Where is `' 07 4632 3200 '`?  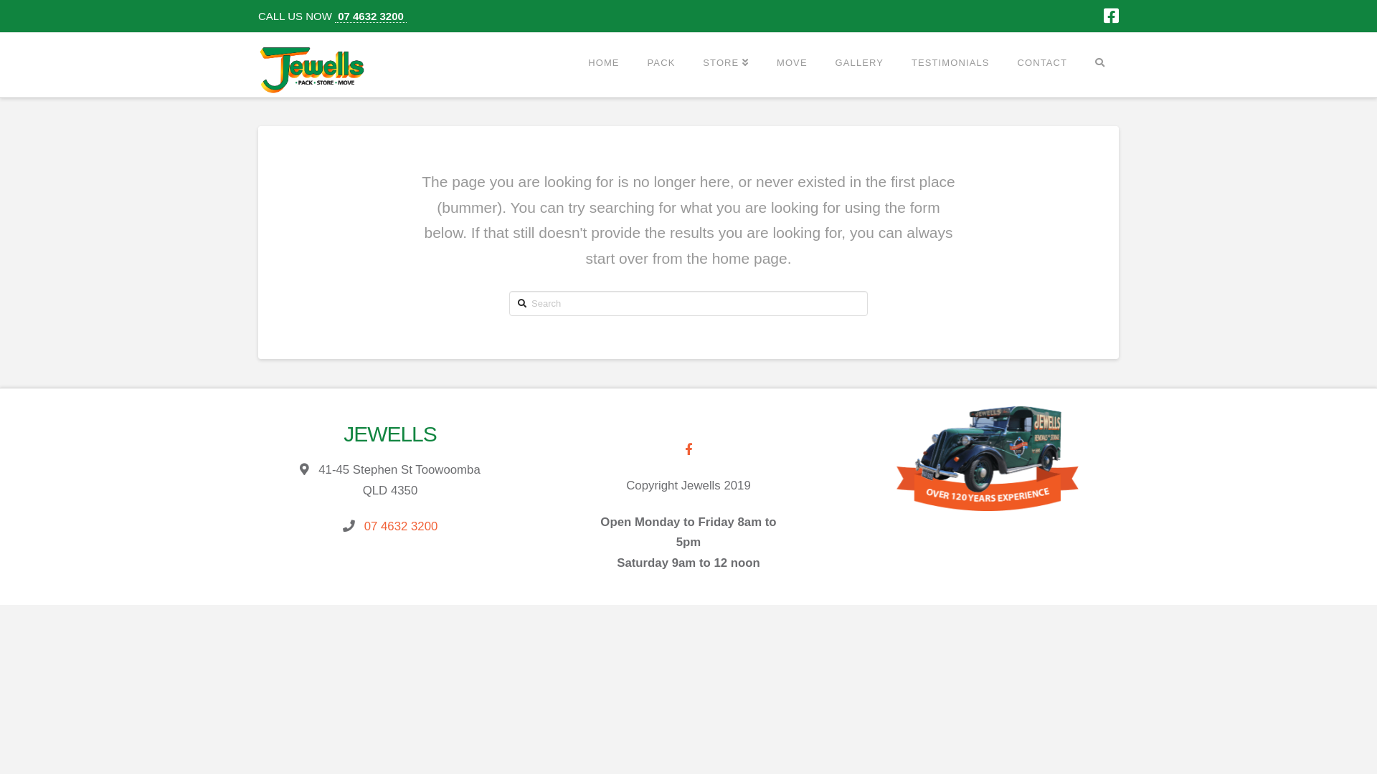
' 07 4632 3200 ' is located at coordinates (333, 16).